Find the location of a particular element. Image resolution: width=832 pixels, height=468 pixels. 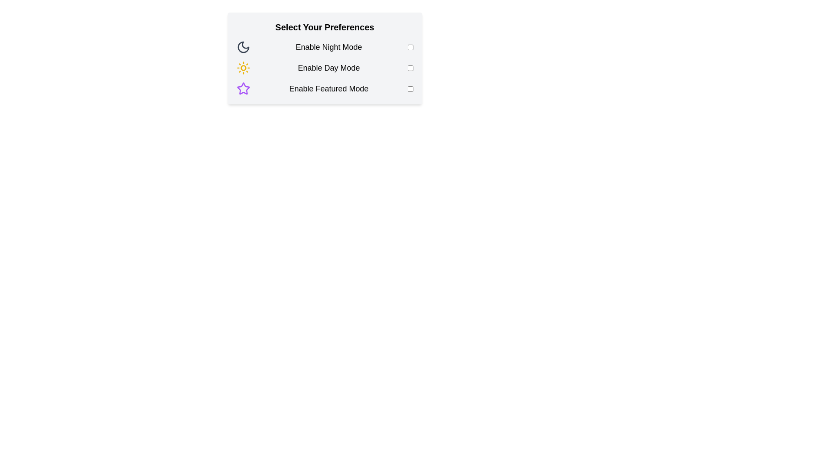

the text label displaying 'Enable Featured Mode', which is the third option in the preferences section, positioned between a star icon and a checkbox is located at coordinates (328, 88).